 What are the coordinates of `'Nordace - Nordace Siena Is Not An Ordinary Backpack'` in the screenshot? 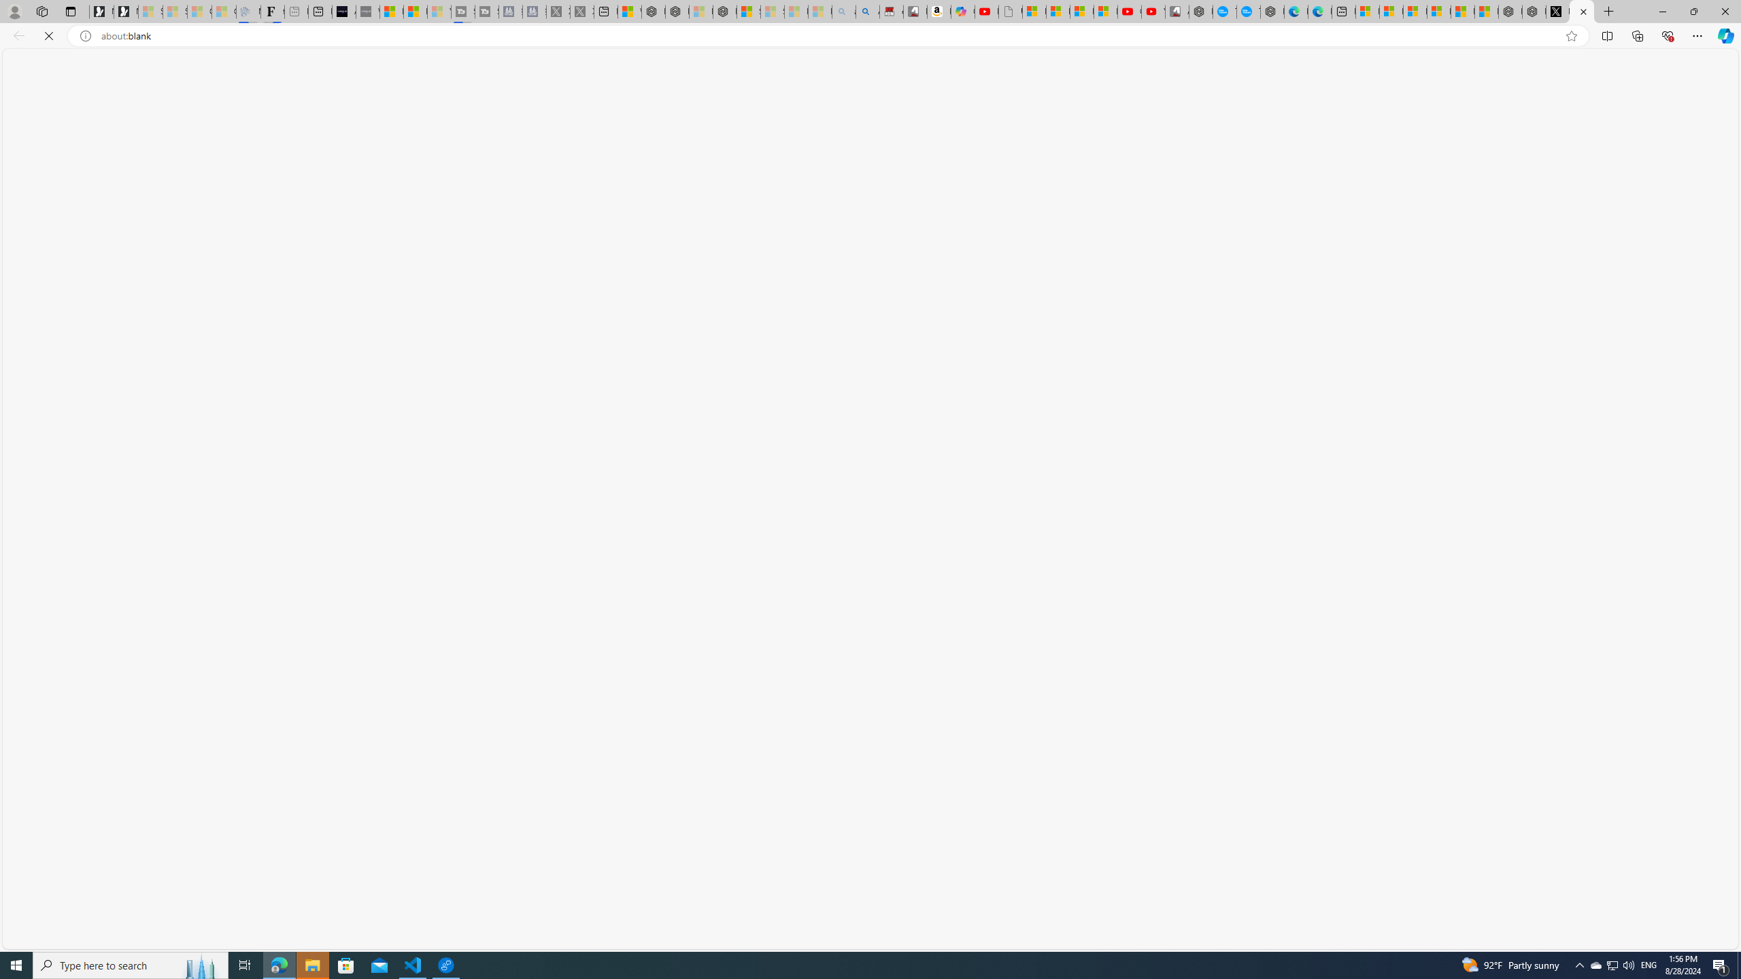 It's located at (724, 11).